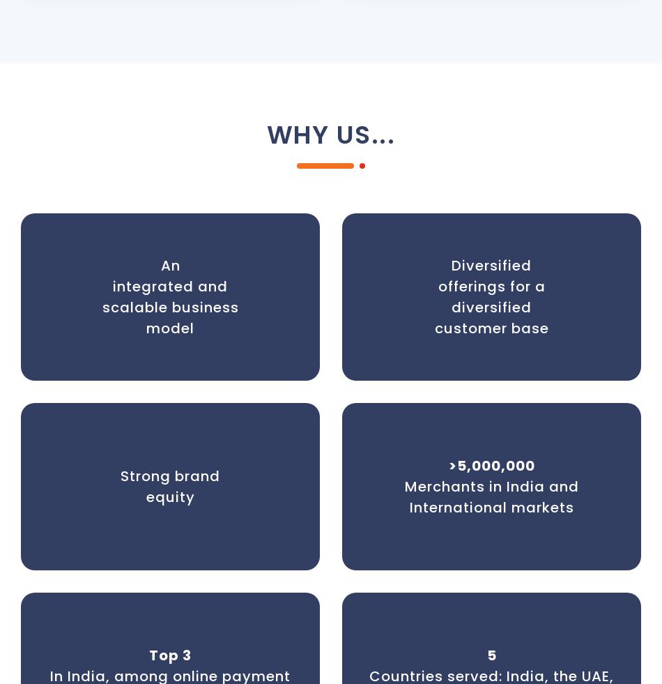 This screenshot has height=684, width=662. What do you see at coordinates (160, 265) in the screenshot?
I see `'An'` at bounding box center [160, 265].